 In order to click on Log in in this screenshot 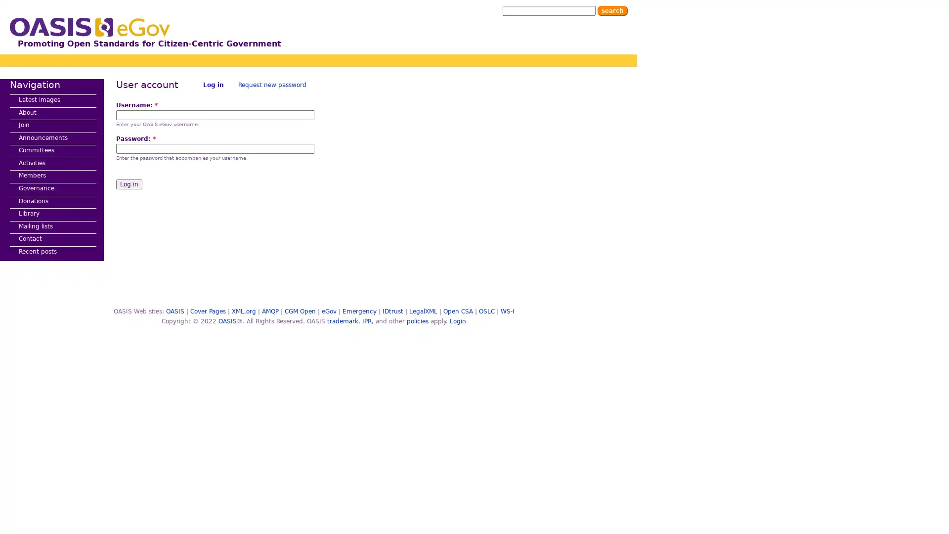, I will do `click(129, 184)`.